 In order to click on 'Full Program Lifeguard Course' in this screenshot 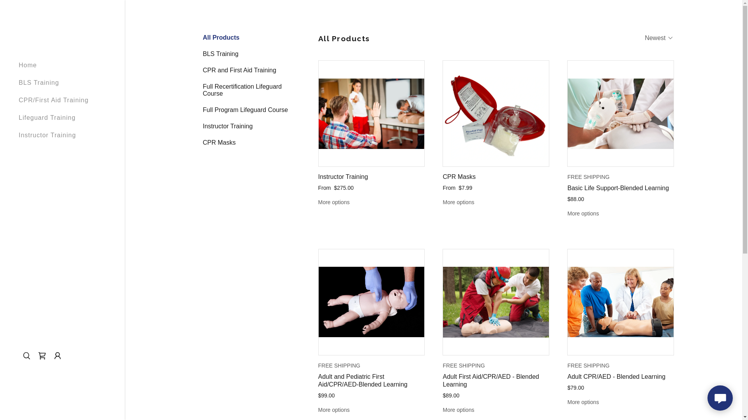, I will do `click(246, 110)`.